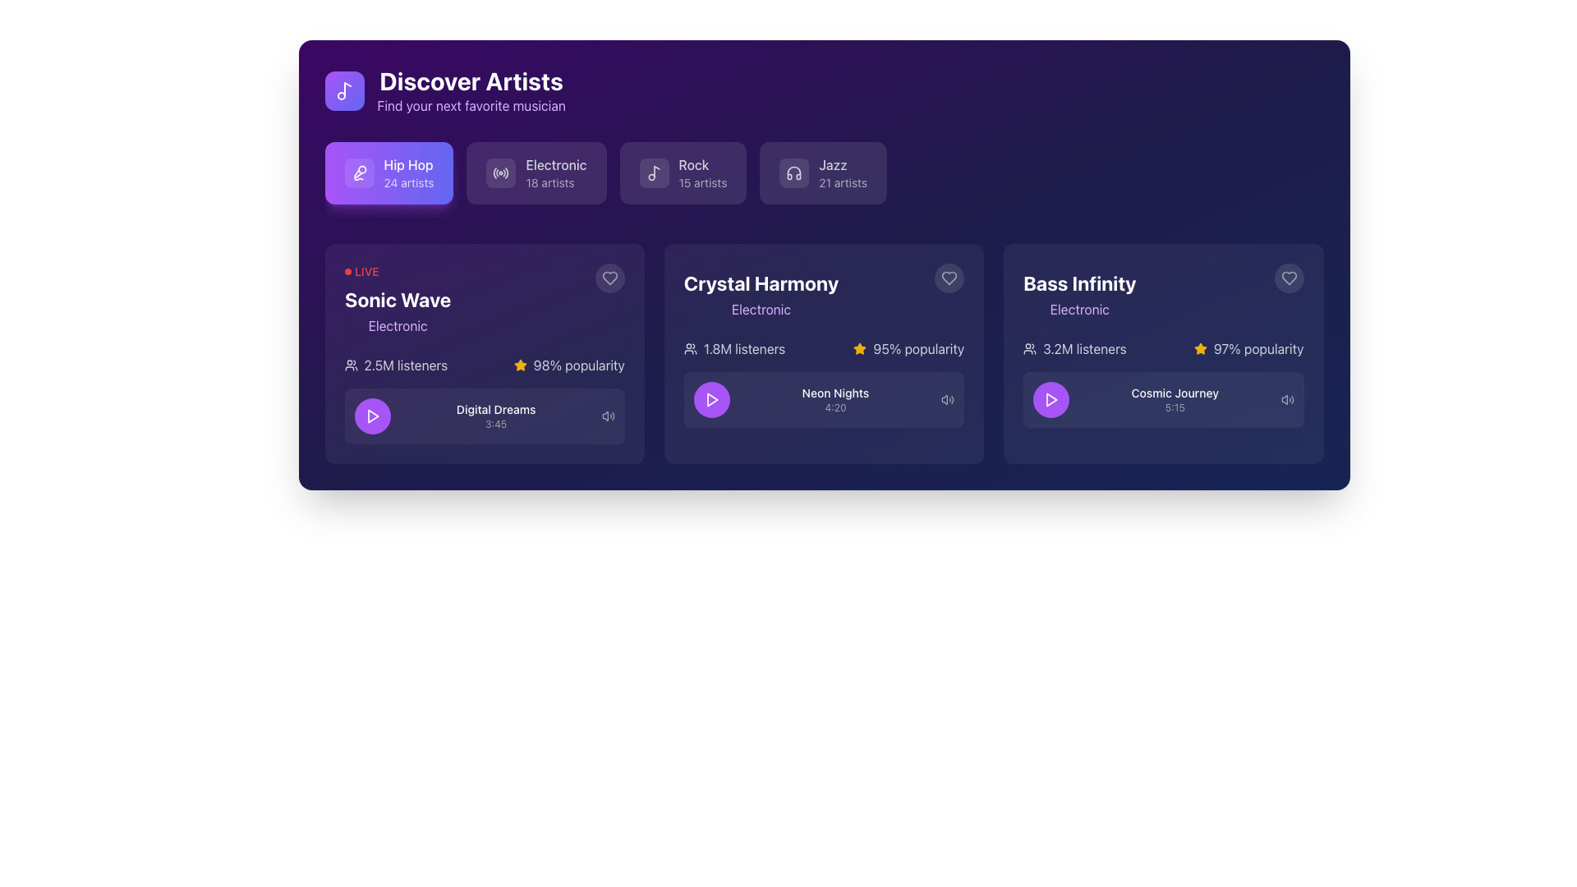  What do you see at coordinates (579, 364) in the screenshot?
I see `the text label displaying '98% popularity' in white text on a dark background as a read-only text component, located` at bounding box center [579, 364].